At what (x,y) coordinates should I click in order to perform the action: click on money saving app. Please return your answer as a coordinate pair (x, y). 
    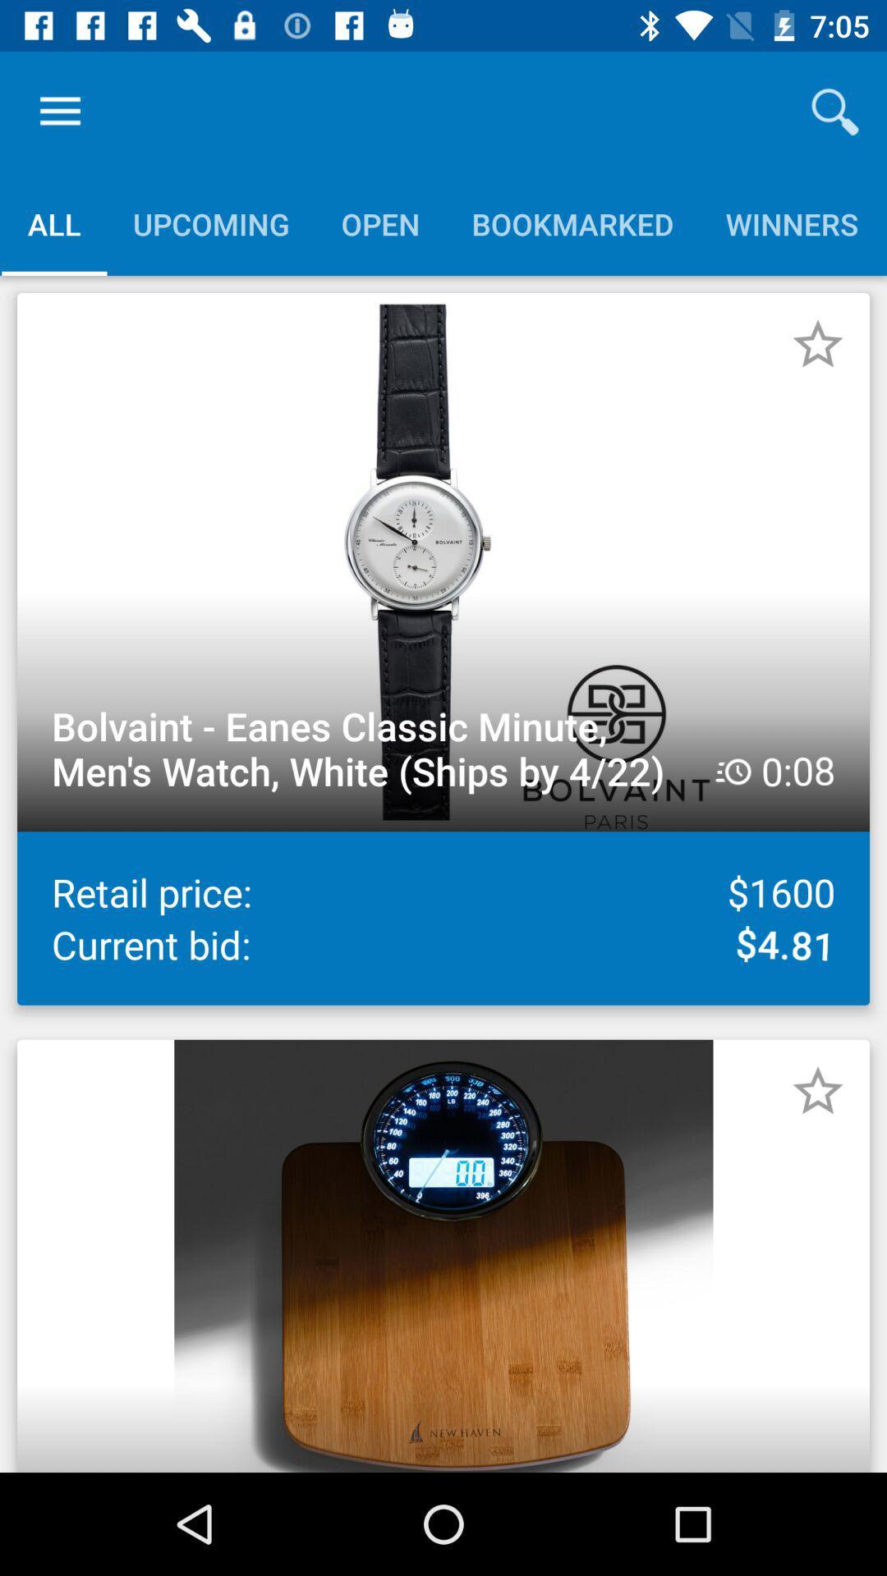
    Looking at the image, I should click on (817, 344).